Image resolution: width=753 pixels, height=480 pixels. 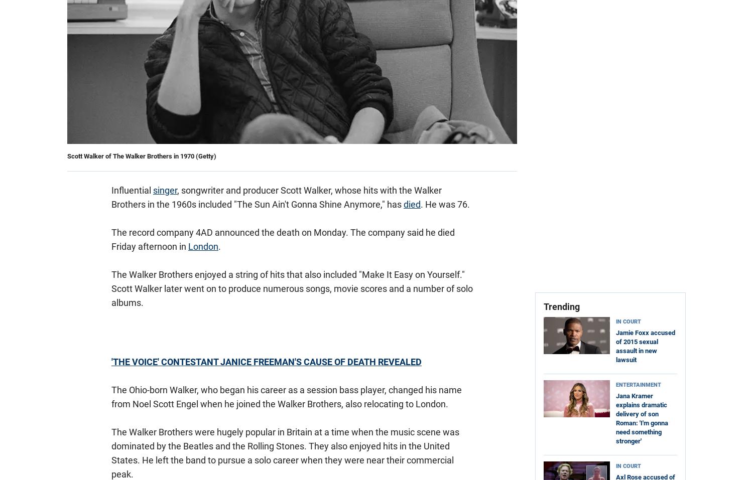 I want to click on 'The record company 4AD announced the death on Monday. The company said he died Friday afternoon in', so click(x=111, y=239).